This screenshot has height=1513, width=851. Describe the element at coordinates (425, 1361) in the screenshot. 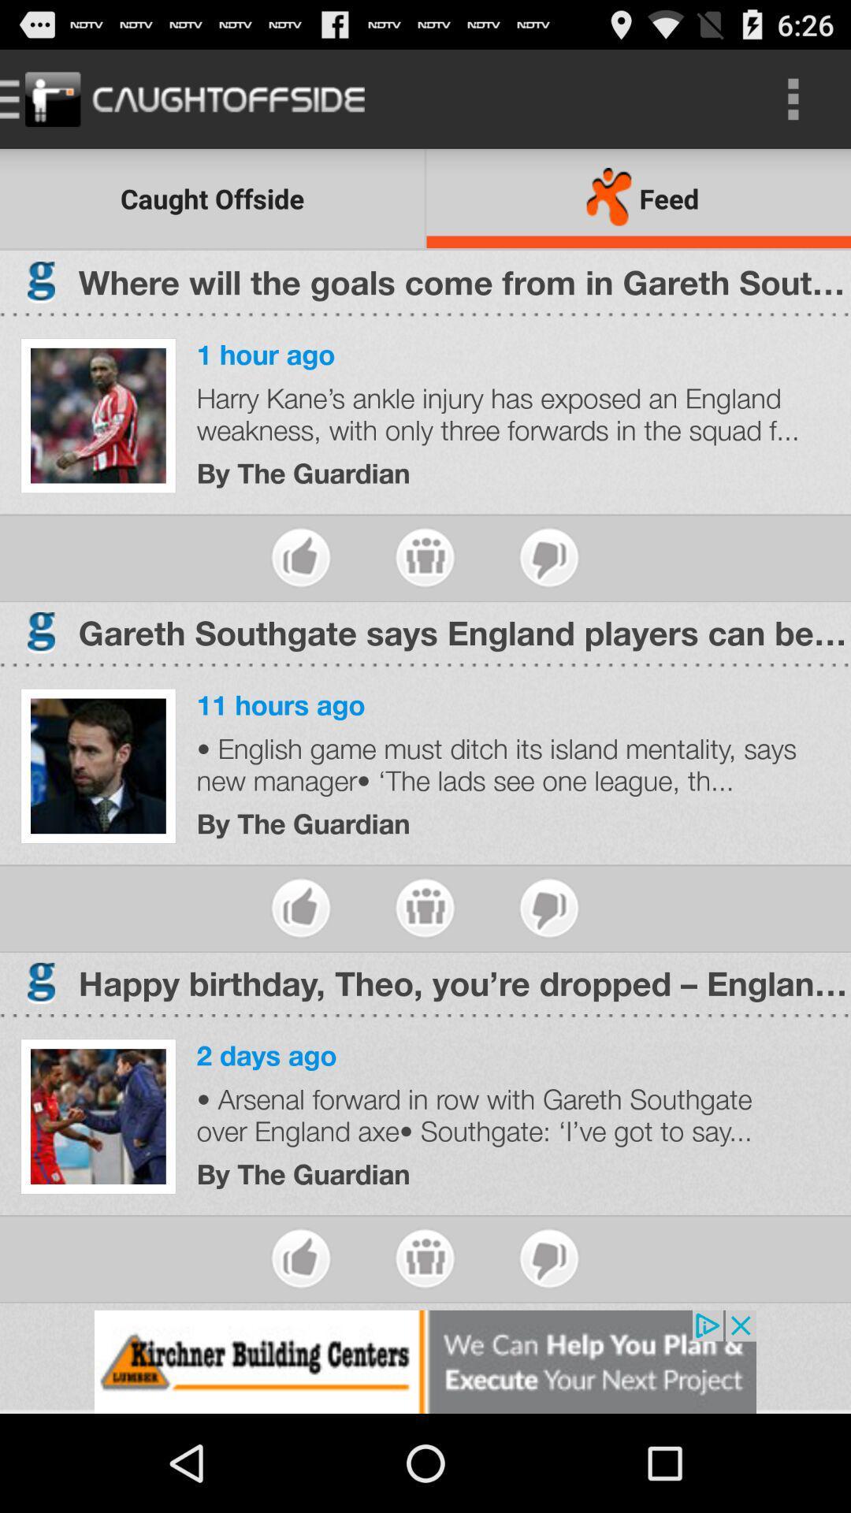

I see `the advertisement` at that location.